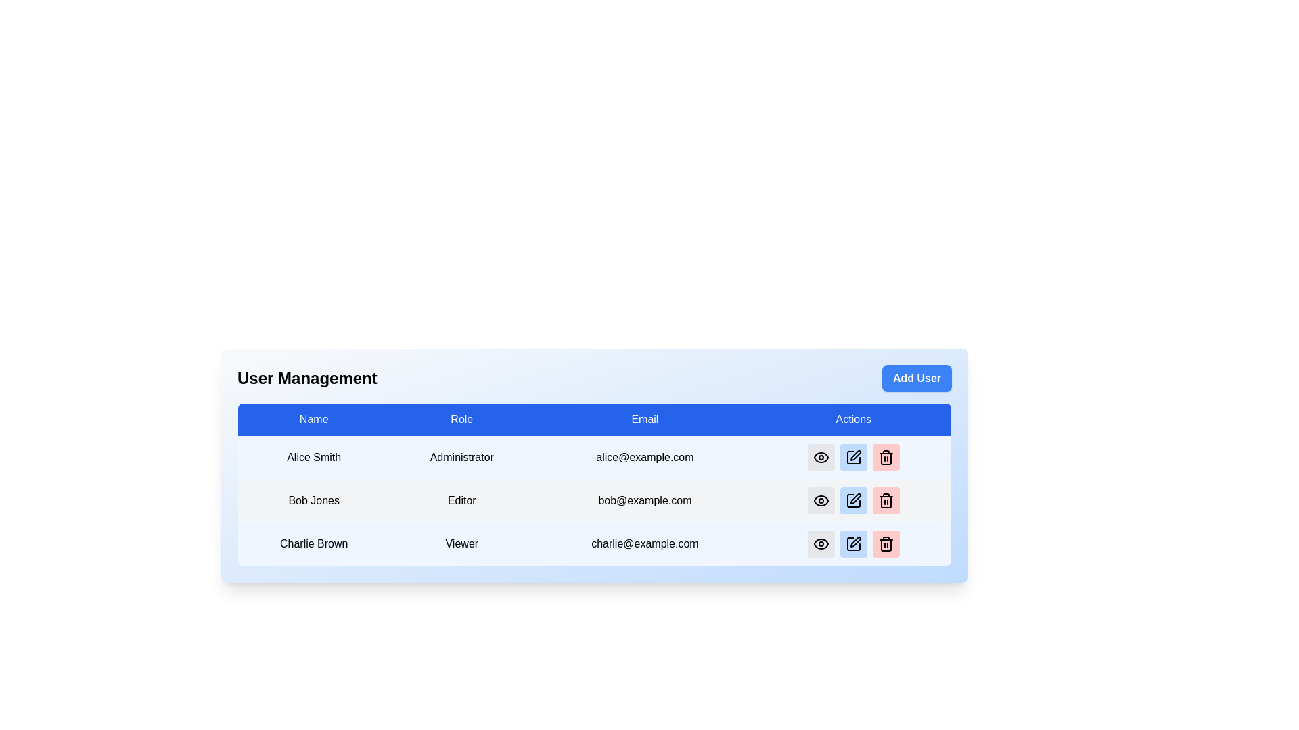 The width and height of the screenshot is (1299, 730). What do you see at coordinates (852, 500) in the screenshot?
I see `the edit button with a light blue background and a pen icon, located in the second row of the user management table for user 'Bob Jones', to initiate the edit action` at bounding box center [852, 500].